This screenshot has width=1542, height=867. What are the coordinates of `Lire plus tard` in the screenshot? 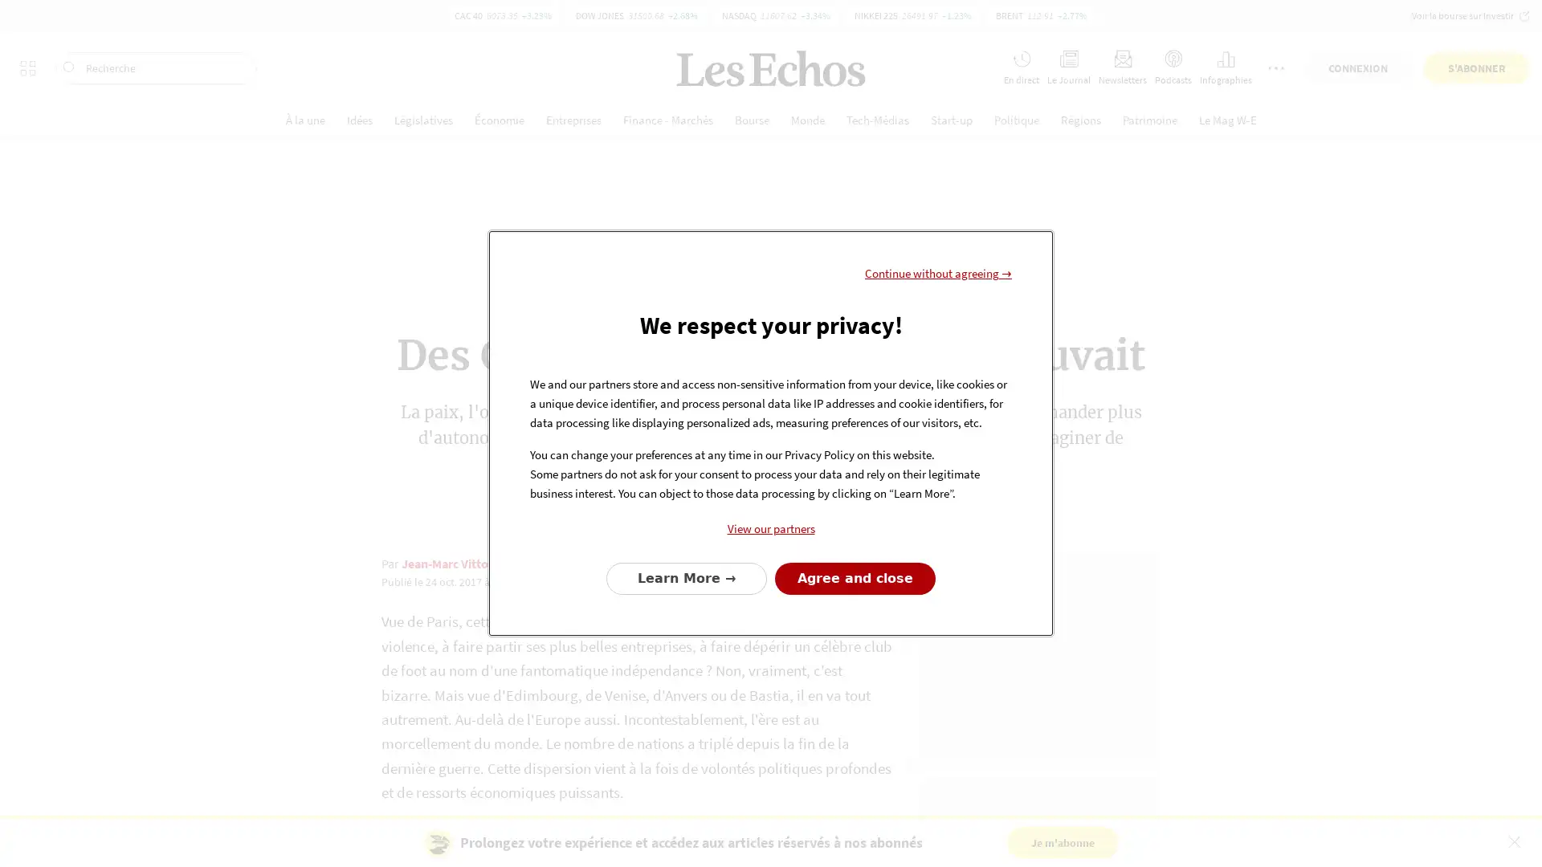 It's located at (613, 513).